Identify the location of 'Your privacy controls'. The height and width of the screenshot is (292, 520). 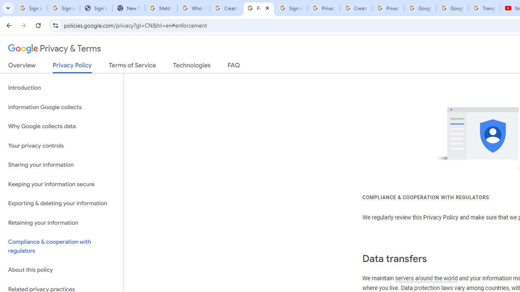
(61, 145).